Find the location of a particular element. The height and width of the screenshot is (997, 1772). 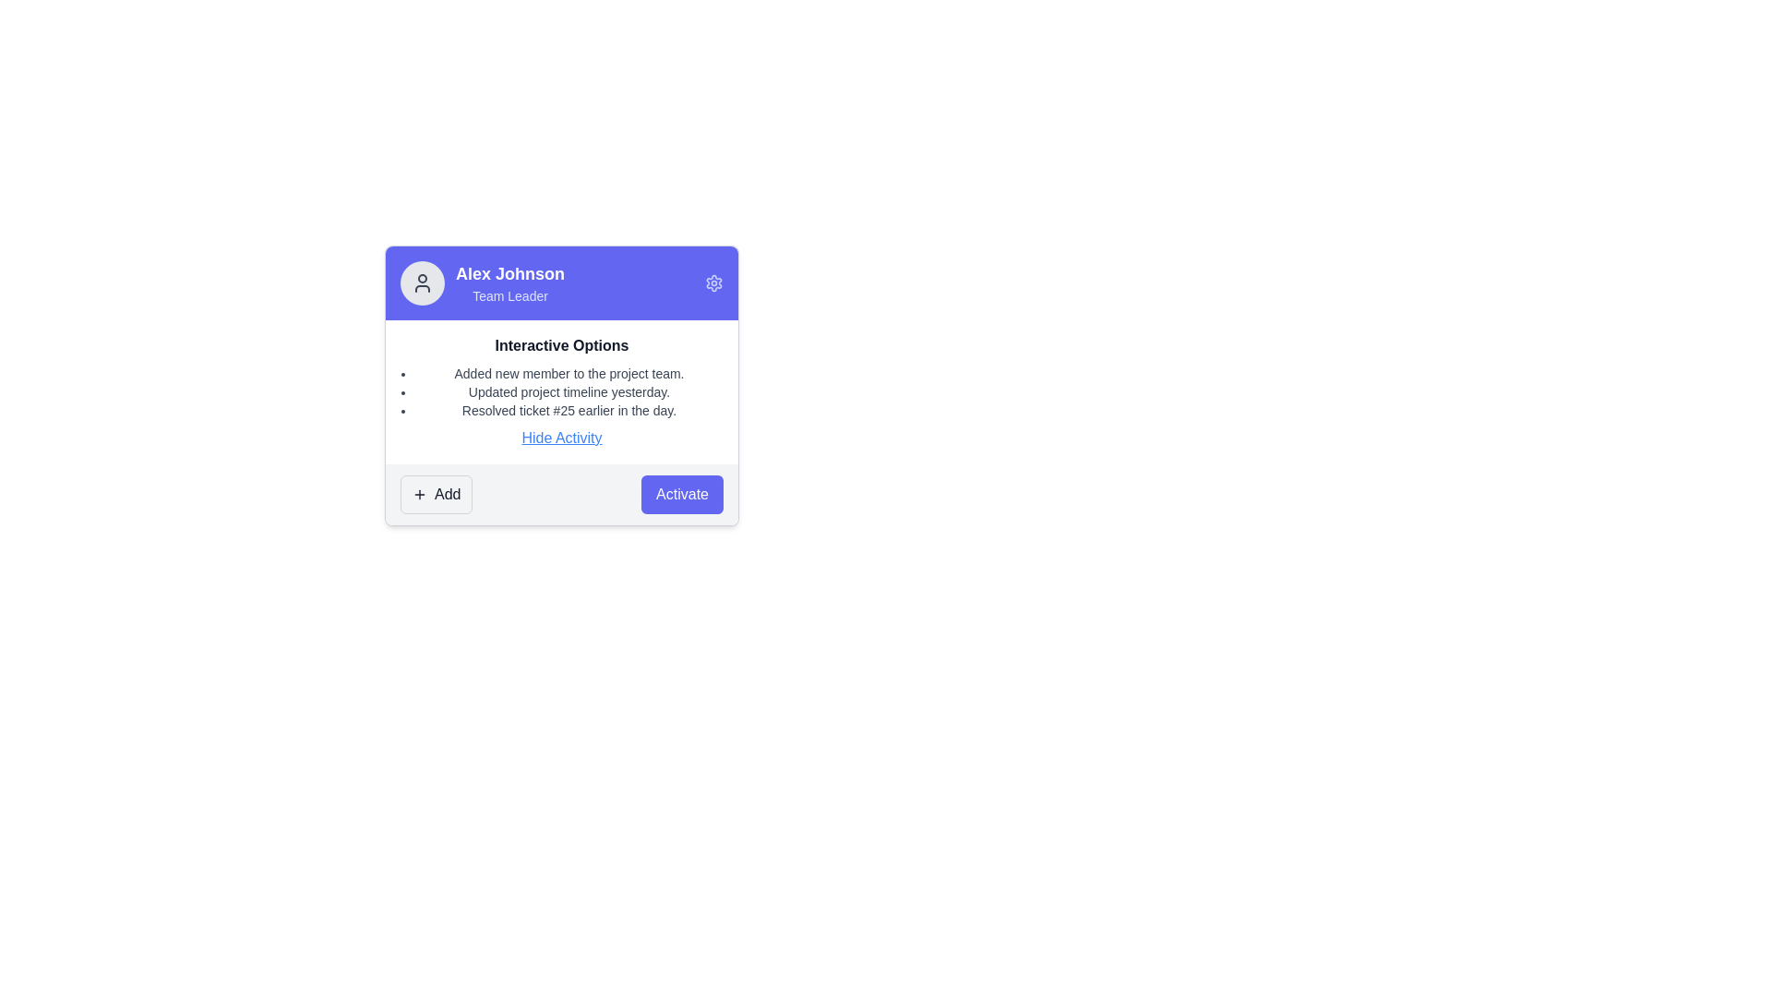

the clickable link that hides activity-related information is located at coordinates (561, 438).